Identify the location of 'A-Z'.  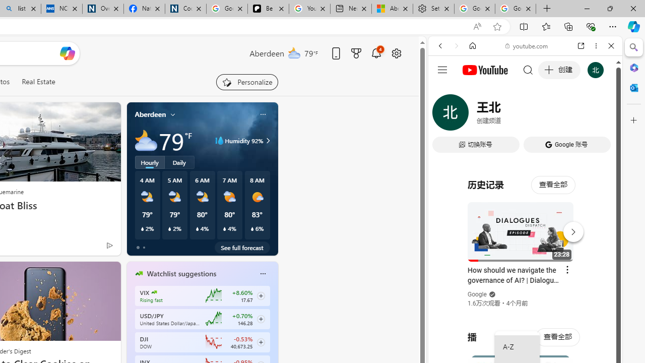
(517, 347).